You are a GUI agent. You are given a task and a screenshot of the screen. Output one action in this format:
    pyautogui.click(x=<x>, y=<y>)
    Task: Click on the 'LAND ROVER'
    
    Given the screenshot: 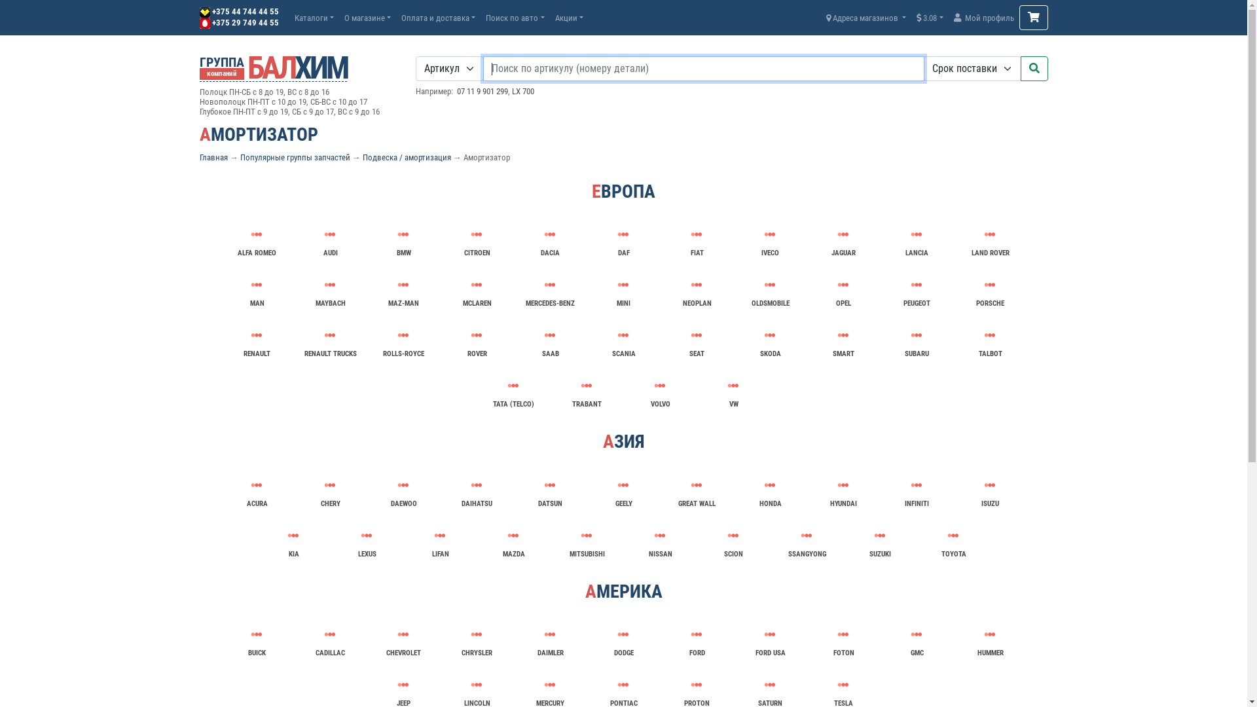 What is the action you would take?
    pyautogui.click(x=990, y=234)
    